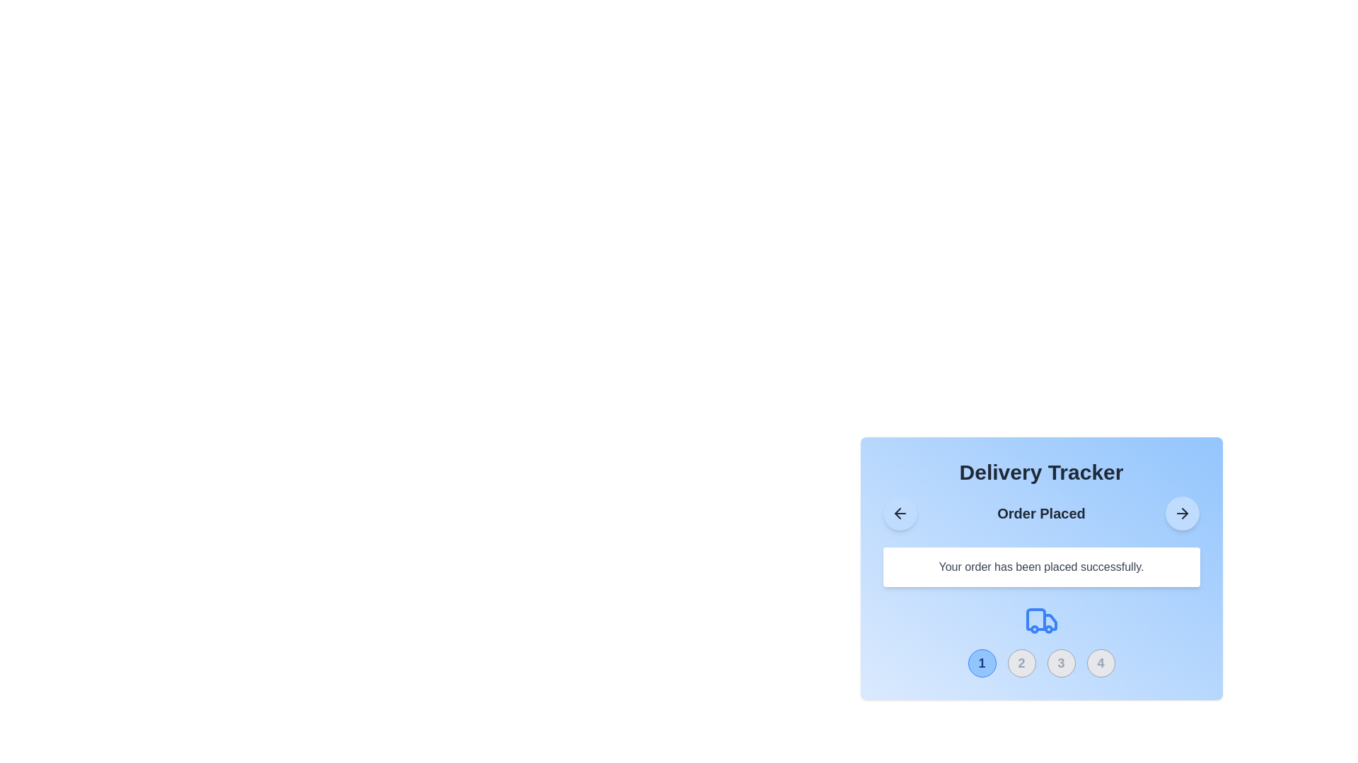  I want to click on the Text display box that confirms the order has been successfully placed, located under the 'Order Placed' heading in the 'Delivery Tracker' section, so click(1041, 566).